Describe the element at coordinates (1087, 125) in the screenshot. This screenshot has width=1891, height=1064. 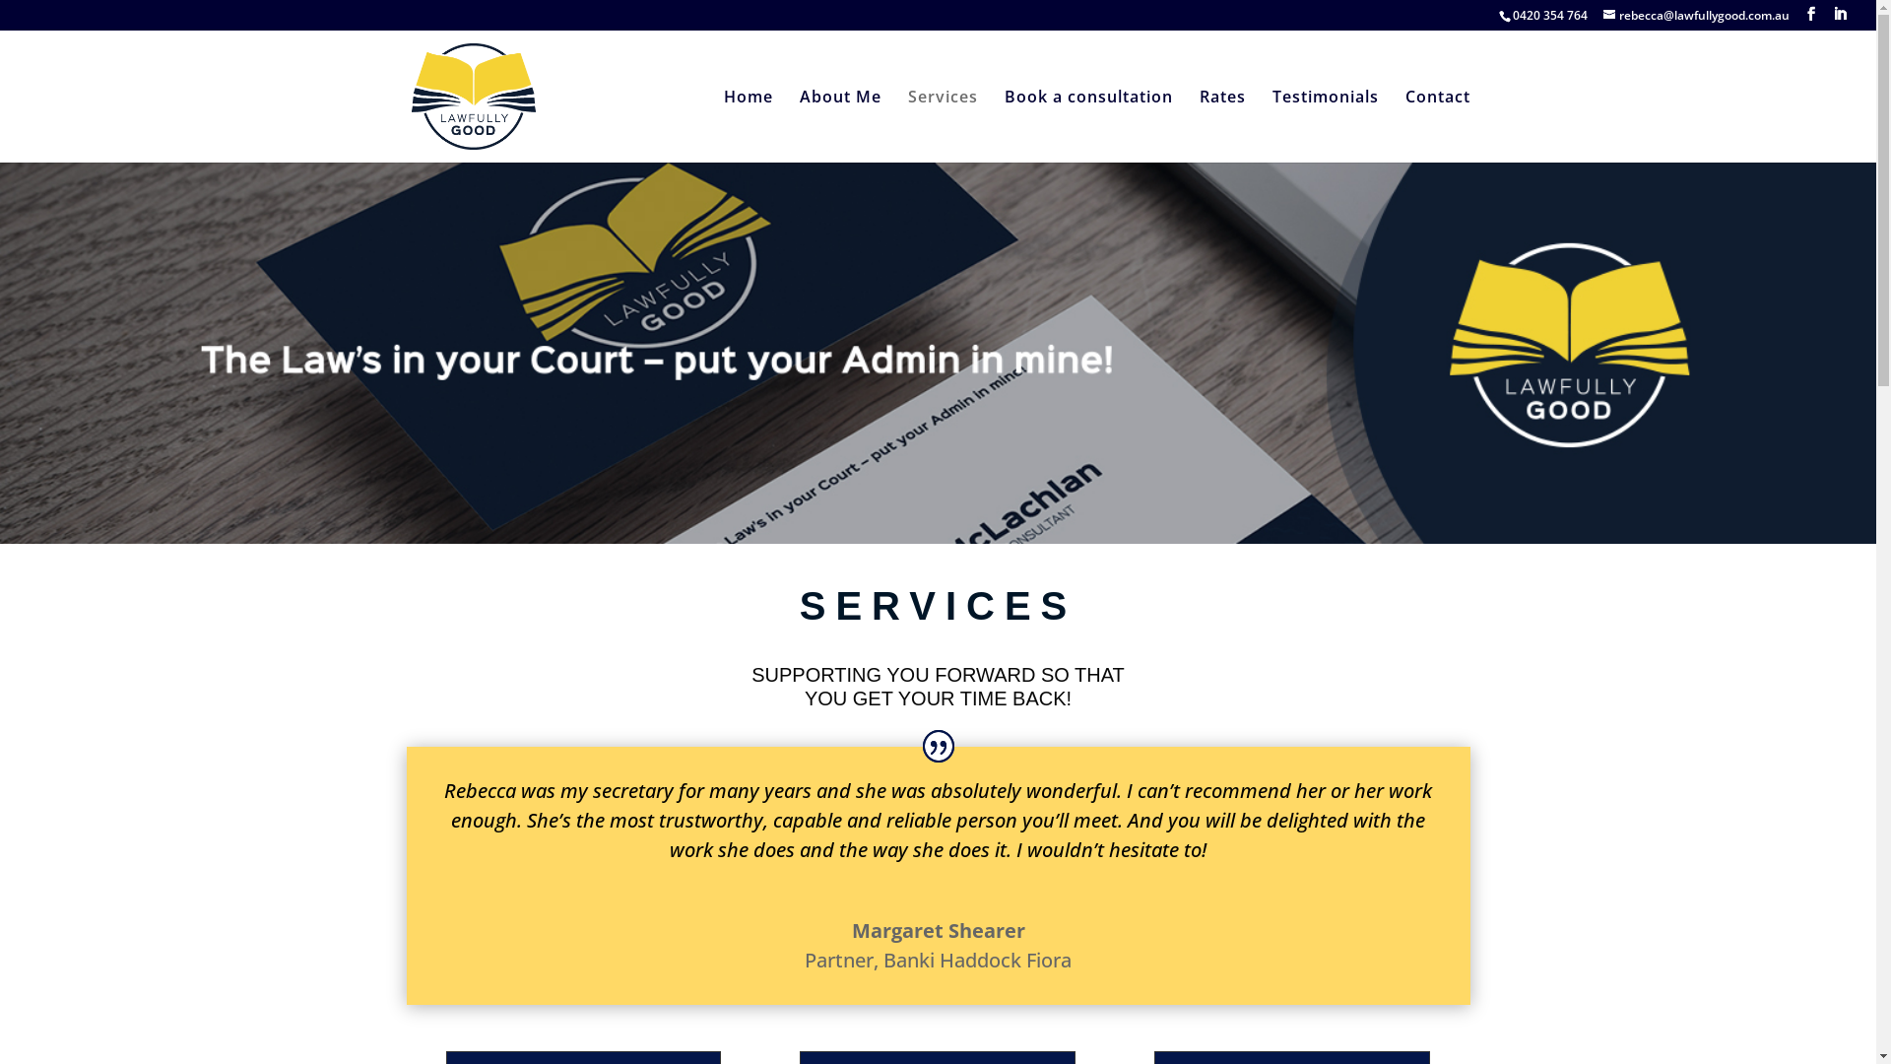
I see `'Book a consultation'` at that location.